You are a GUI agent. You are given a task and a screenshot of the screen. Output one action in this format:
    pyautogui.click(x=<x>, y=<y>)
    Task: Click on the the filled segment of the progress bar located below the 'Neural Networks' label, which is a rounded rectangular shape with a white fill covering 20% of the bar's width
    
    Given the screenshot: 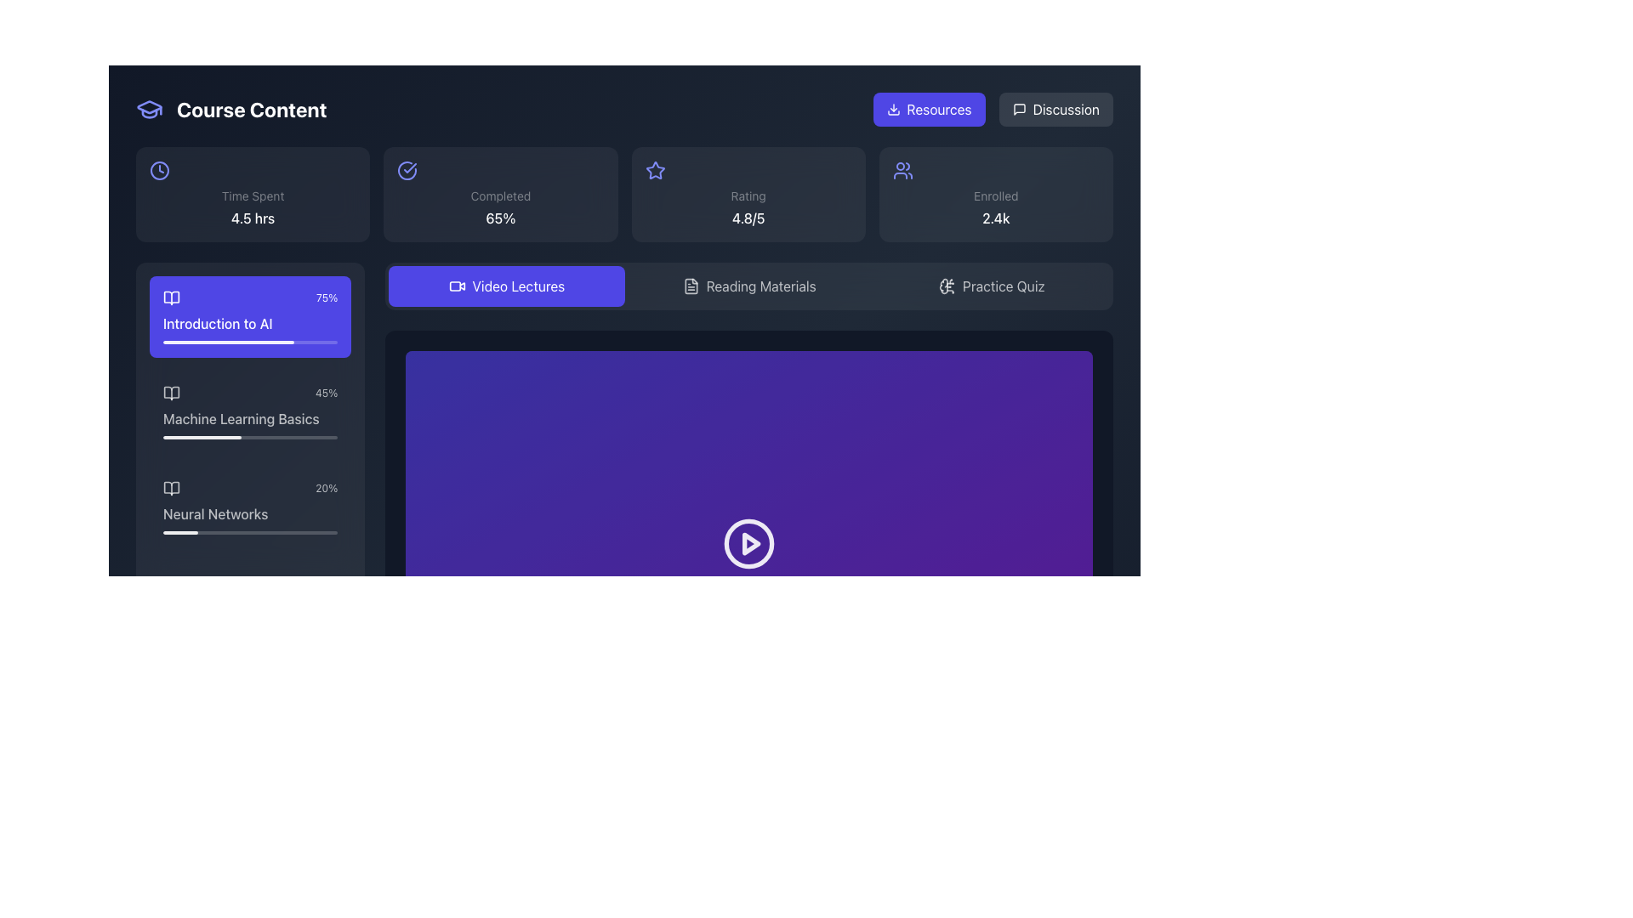 What is the action you would take?
    pyautogui.click(x=180, y=532)
    